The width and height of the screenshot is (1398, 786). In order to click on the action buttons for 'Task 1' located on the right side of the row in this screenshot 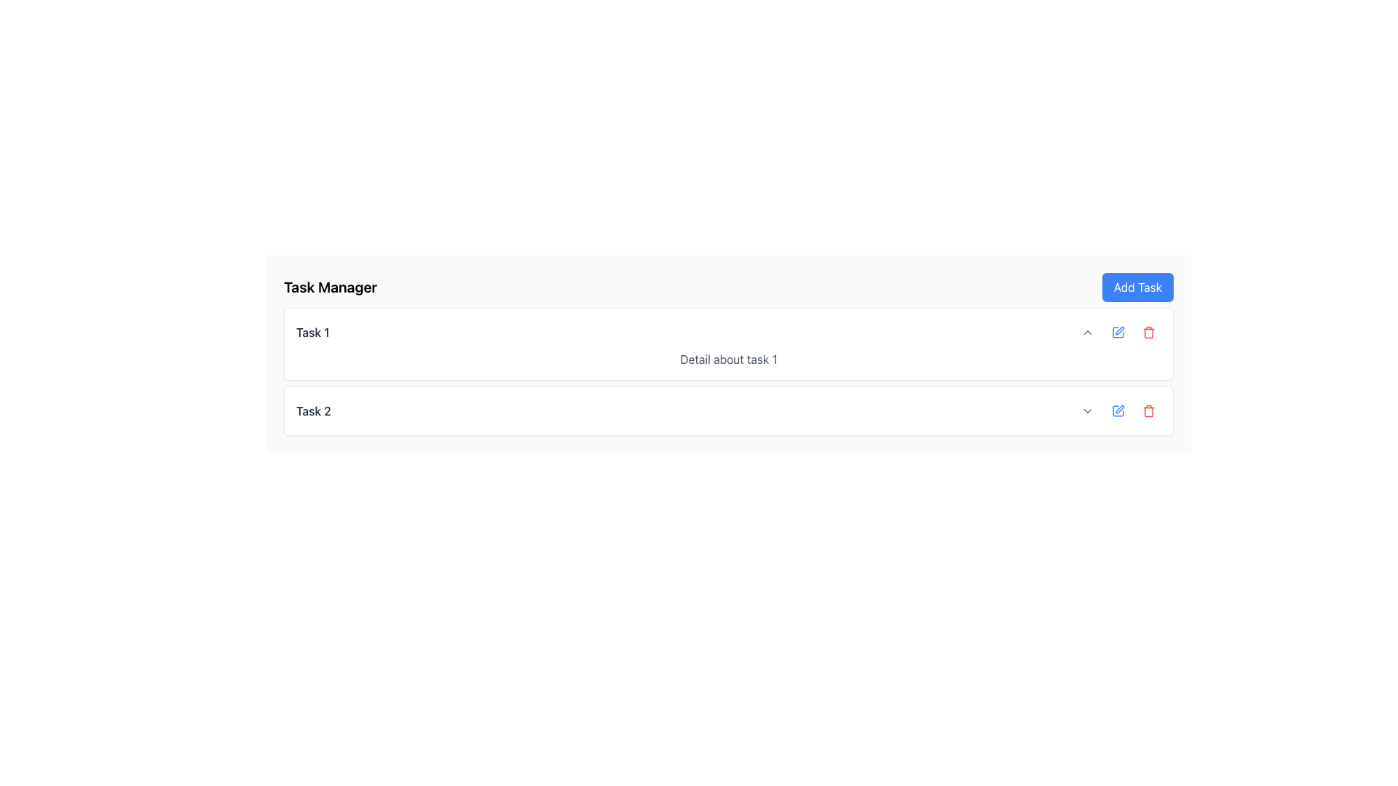, I will do `click(1118, 332)`.